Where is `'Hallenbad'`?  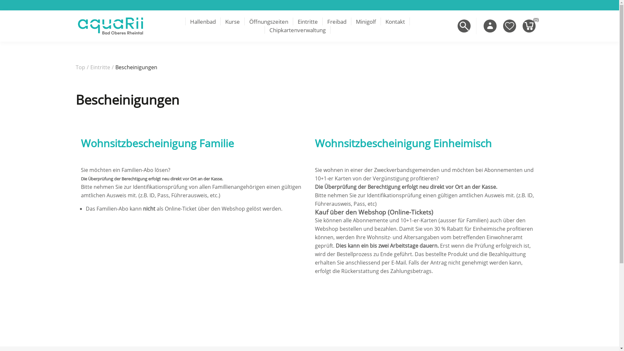
'Hallenbad' is located at coordinates (202, 21).